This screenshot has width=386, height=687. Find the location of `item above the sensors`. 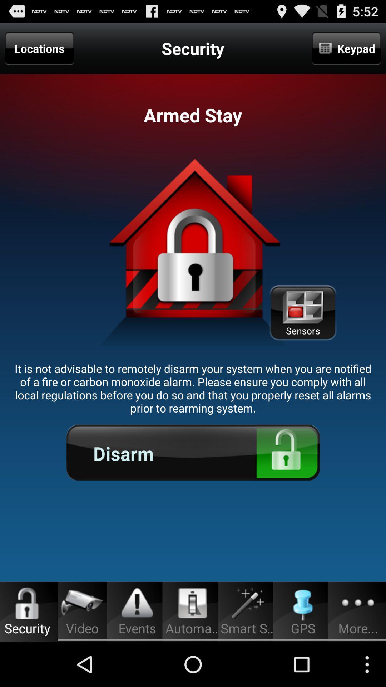

item above the sensors is located at coordinates (346, 48).